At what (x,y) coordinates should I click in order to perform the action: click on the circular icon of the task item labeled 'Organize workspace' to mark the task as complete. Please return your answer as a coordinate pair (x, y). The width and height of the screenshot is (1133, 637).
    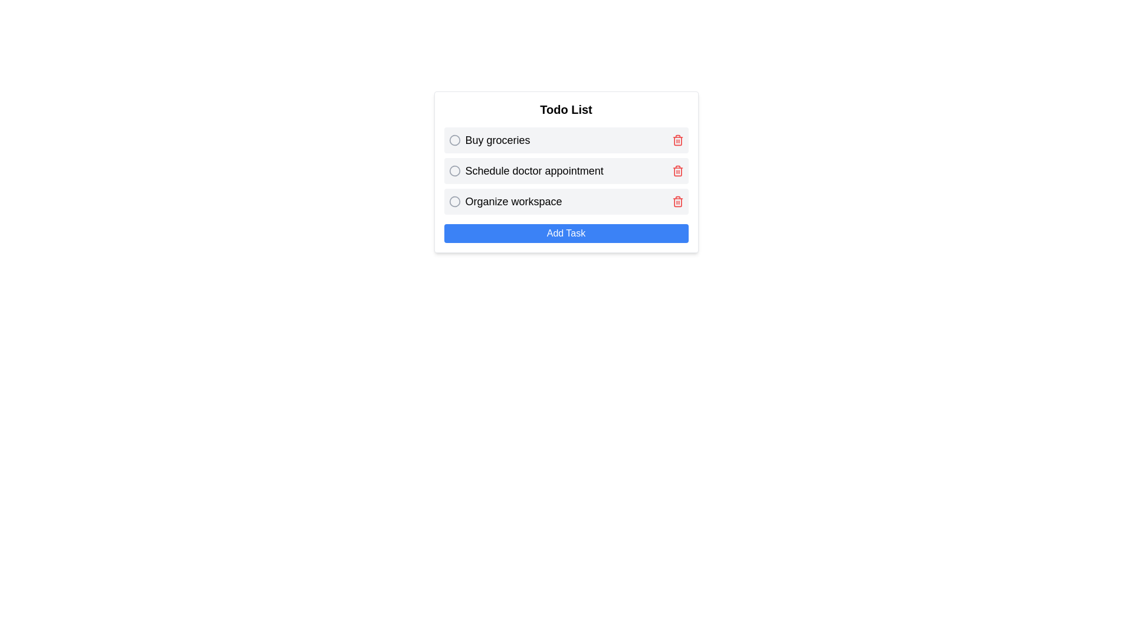
    Looking at the image, I should click on (505, 201).